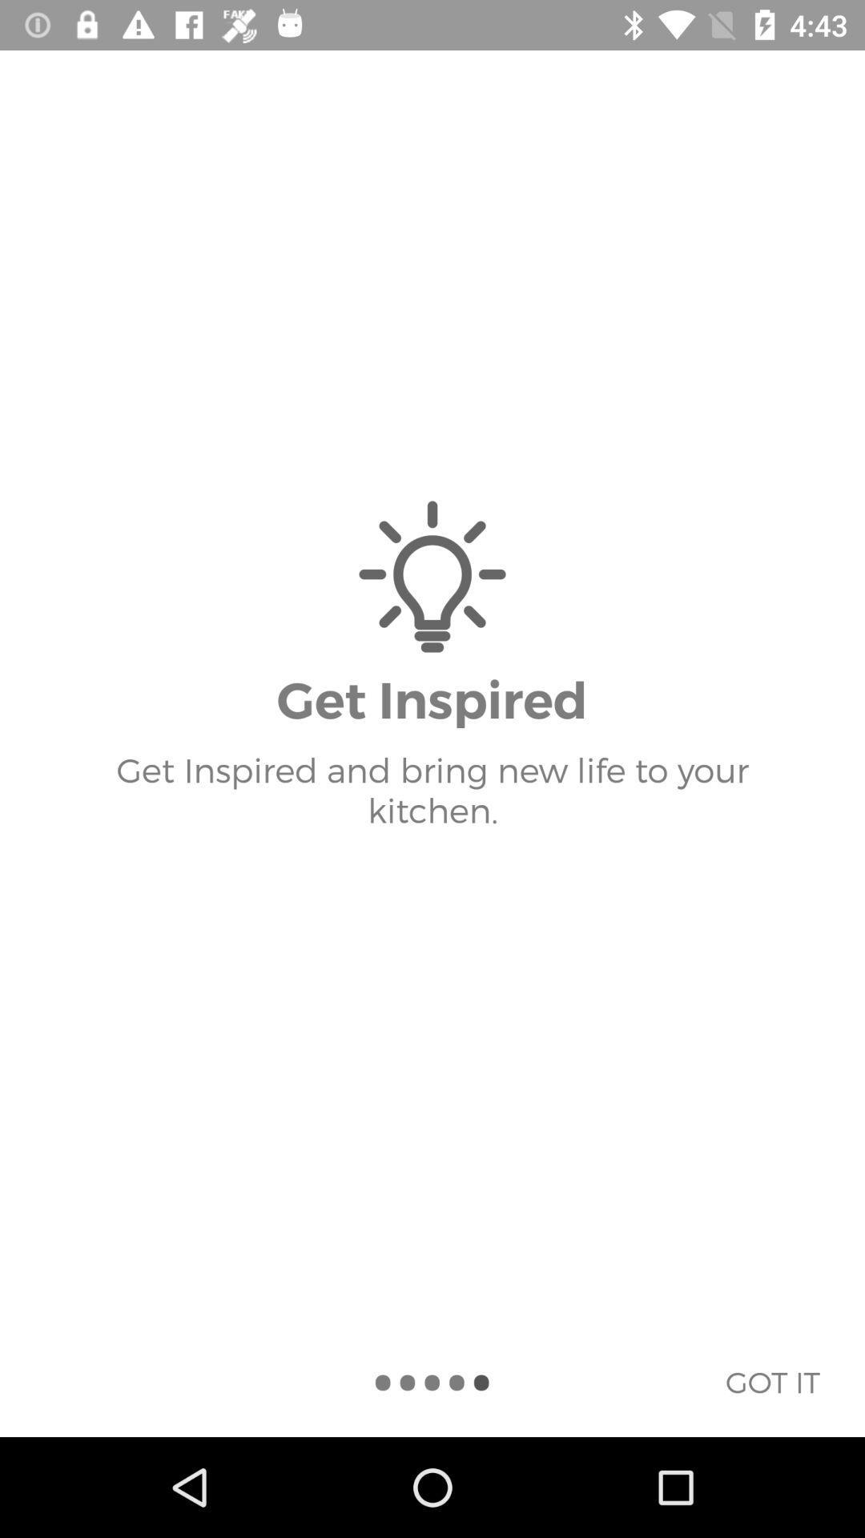 The width and height of the screenshot is (865, 1538). Describe the element at coordinates (771, 1381) in the screenshot. I see `the got it item` at that location.